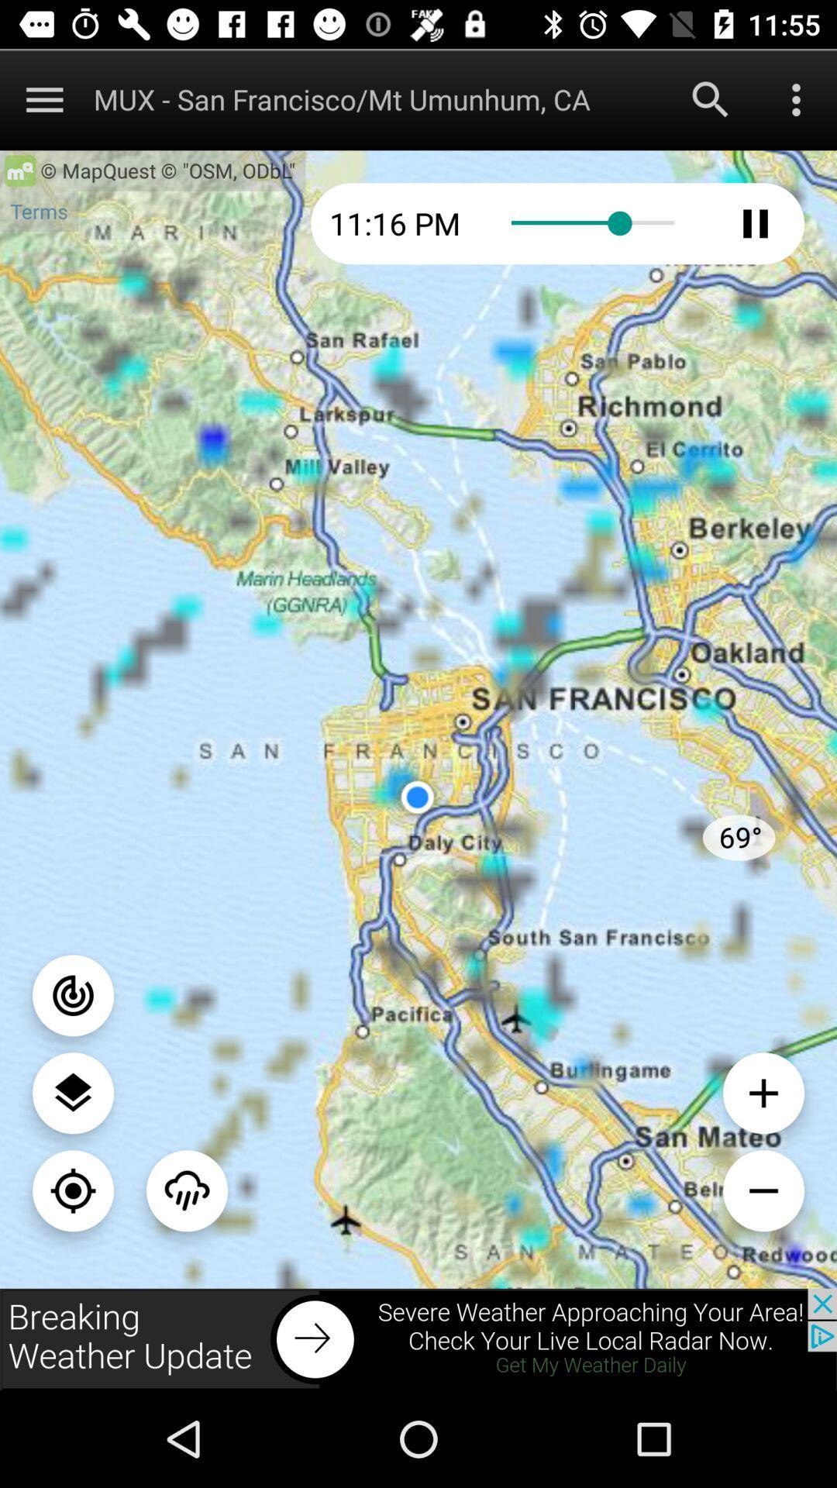 This screenshot has width=837, height=1488. Describe the element at coordinates (763, 1092) in the screenshot. I see `zoom in on map` at that location.